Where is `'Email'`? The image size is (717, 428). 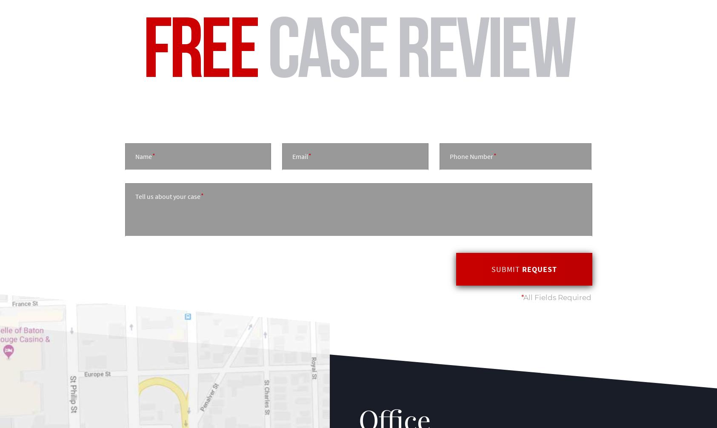
'Email' is located at coordinates (300, 156).